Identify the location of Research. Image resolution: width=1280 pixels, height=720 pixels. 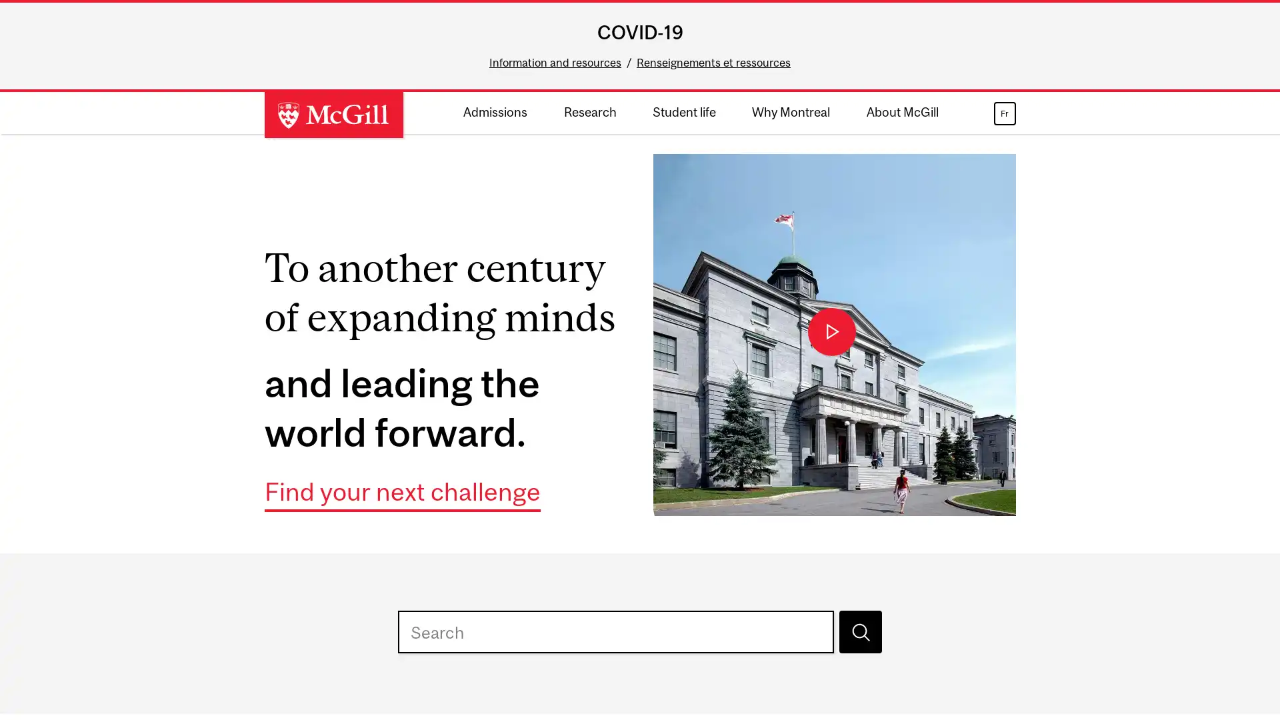
(589, 111).